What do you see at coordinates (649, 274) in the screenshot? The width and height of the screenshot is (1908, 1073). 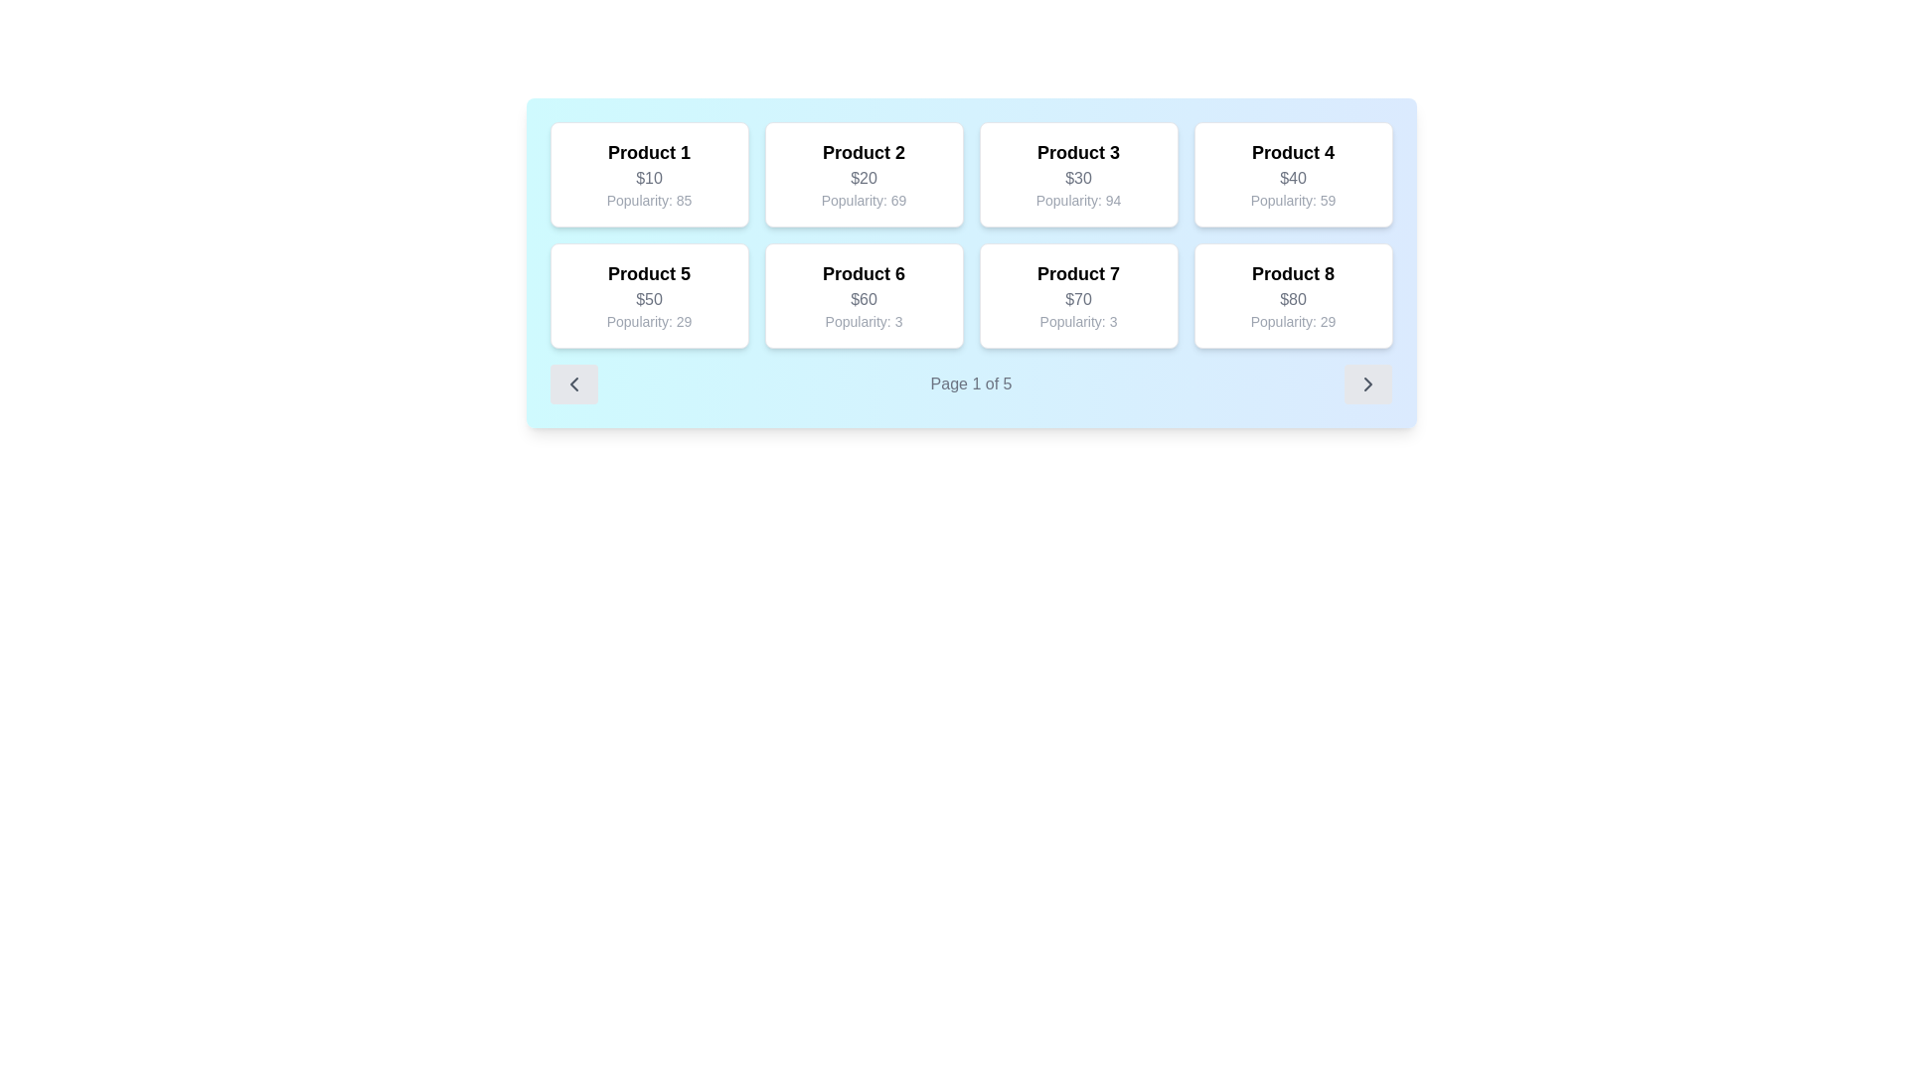 I see `the text label displaying 'Product 5'` at bounding box center [649, 274].